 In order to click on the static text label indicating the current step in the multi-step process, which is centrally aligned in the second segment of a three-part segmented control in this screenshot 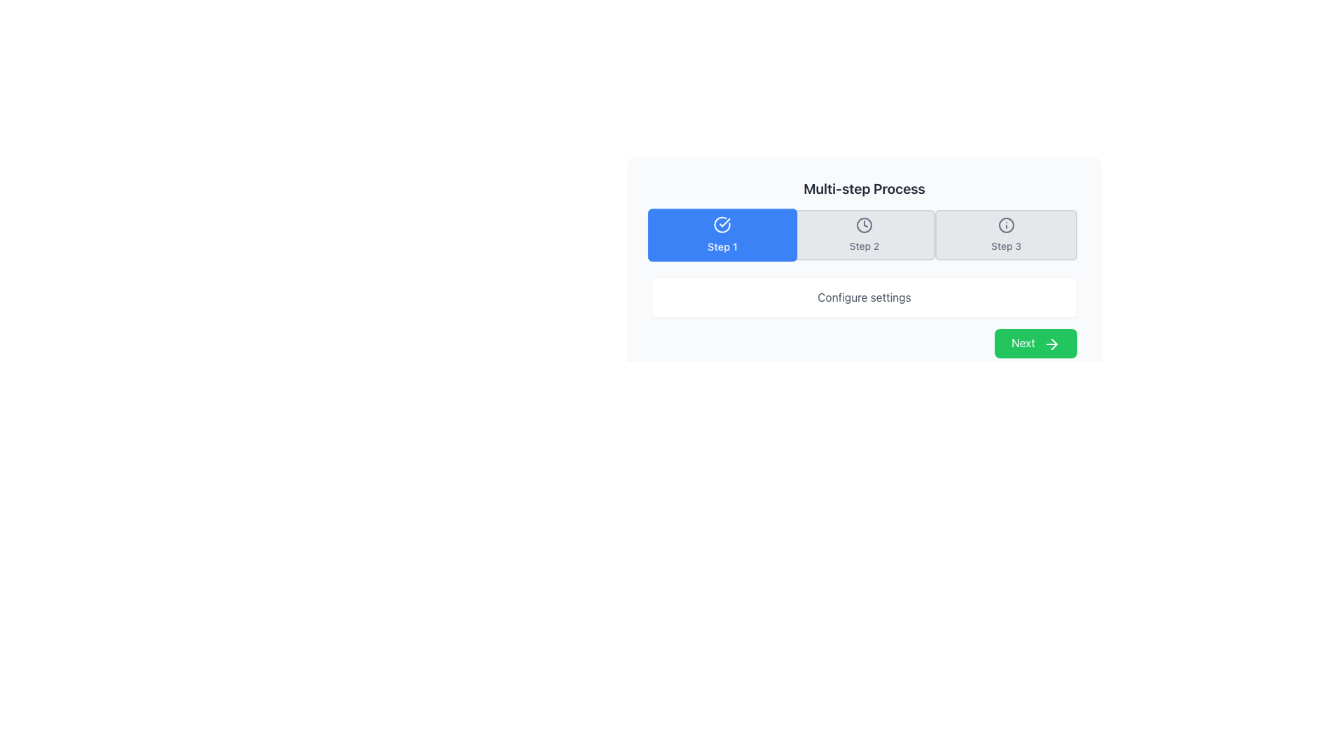, I will do `click(863, 245)`.